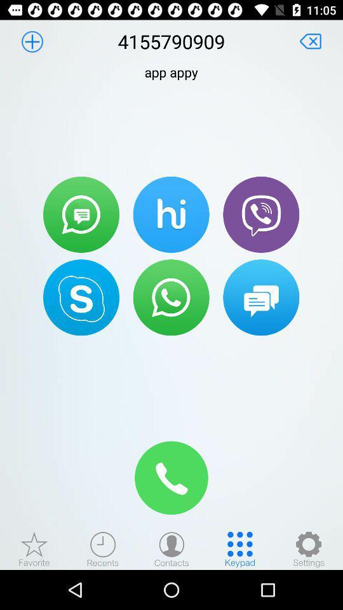  What do you see at coordinates (171, 297) in the screenshot?
I see `make call` at bounding box center [171, 297].